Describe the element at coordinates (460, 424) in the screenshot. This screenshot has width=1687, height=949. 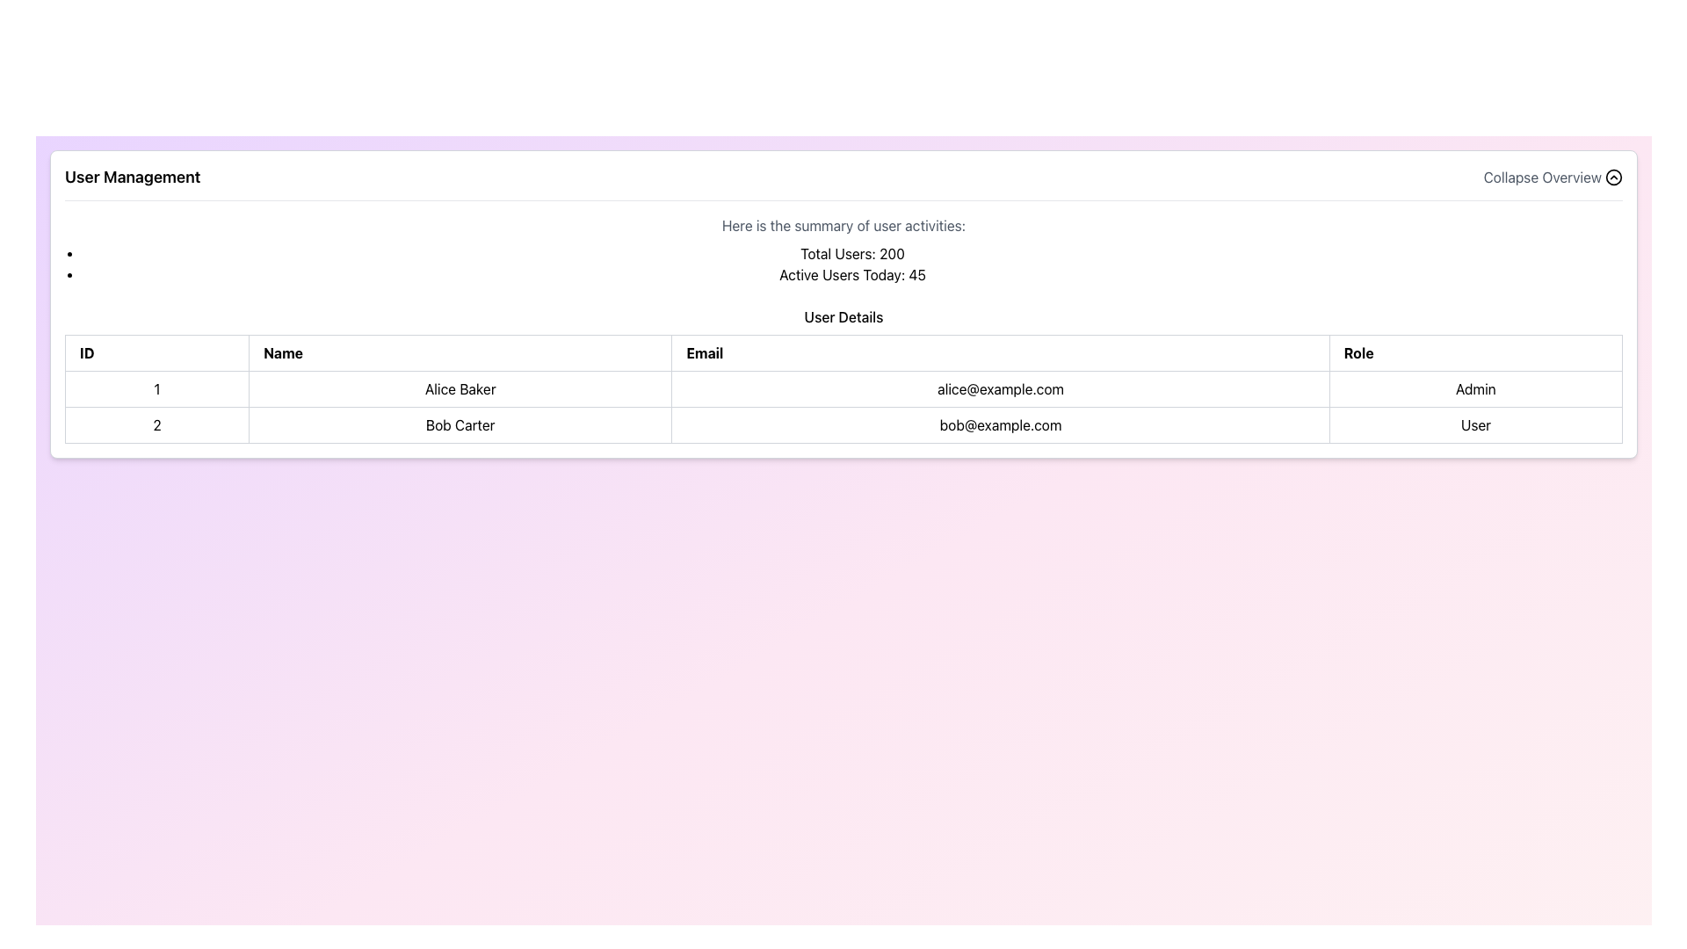
I see `the text label 'Bob Carter' located in the second row of the 'User Details' table under the 'Name' column` at that location.